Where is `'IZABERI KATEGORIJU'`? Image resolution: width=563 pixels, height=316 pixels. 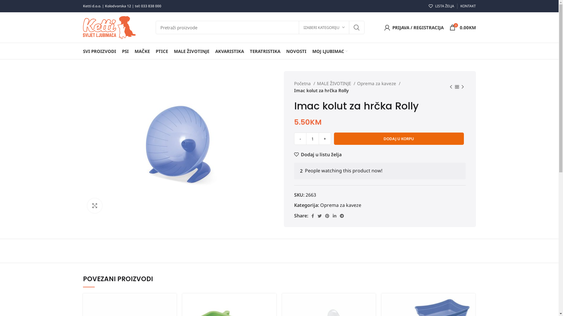
'IZABERI KATEGORIJU' is located at coordinates (323, 27).